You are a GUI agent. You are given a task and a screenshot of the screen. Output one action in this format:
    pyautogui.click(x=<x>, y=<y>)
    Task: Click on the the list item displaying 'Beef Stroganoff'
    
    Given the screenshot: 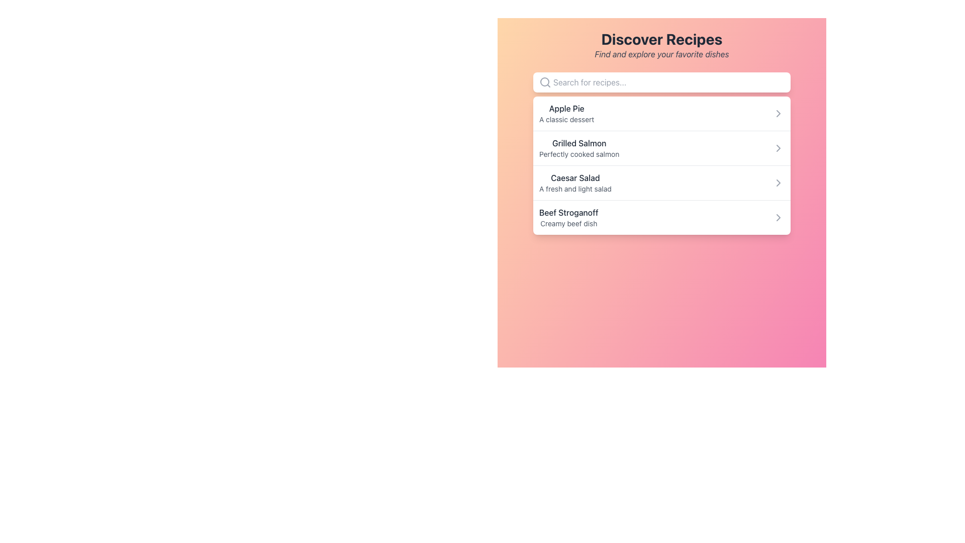 What is the action you would take?
    pyautogui.click(x=568, y=217)
    